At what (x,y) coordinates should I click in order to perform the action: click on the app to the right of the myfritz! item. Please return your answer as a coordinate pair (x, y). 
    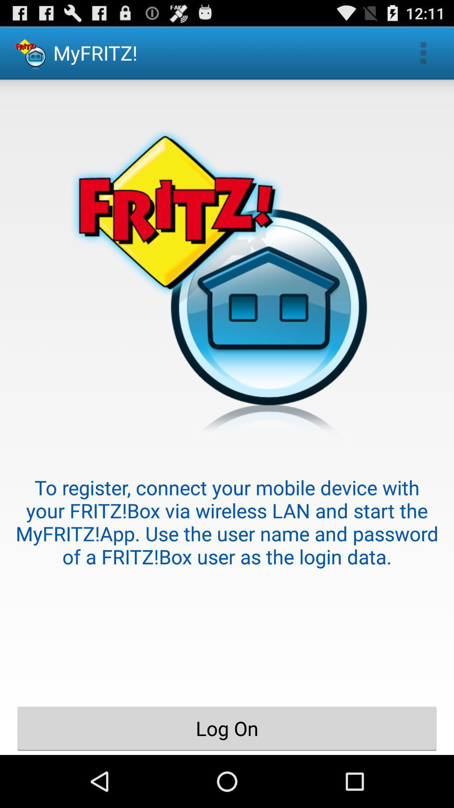
    Looking at the image, I should click on (423, 52).